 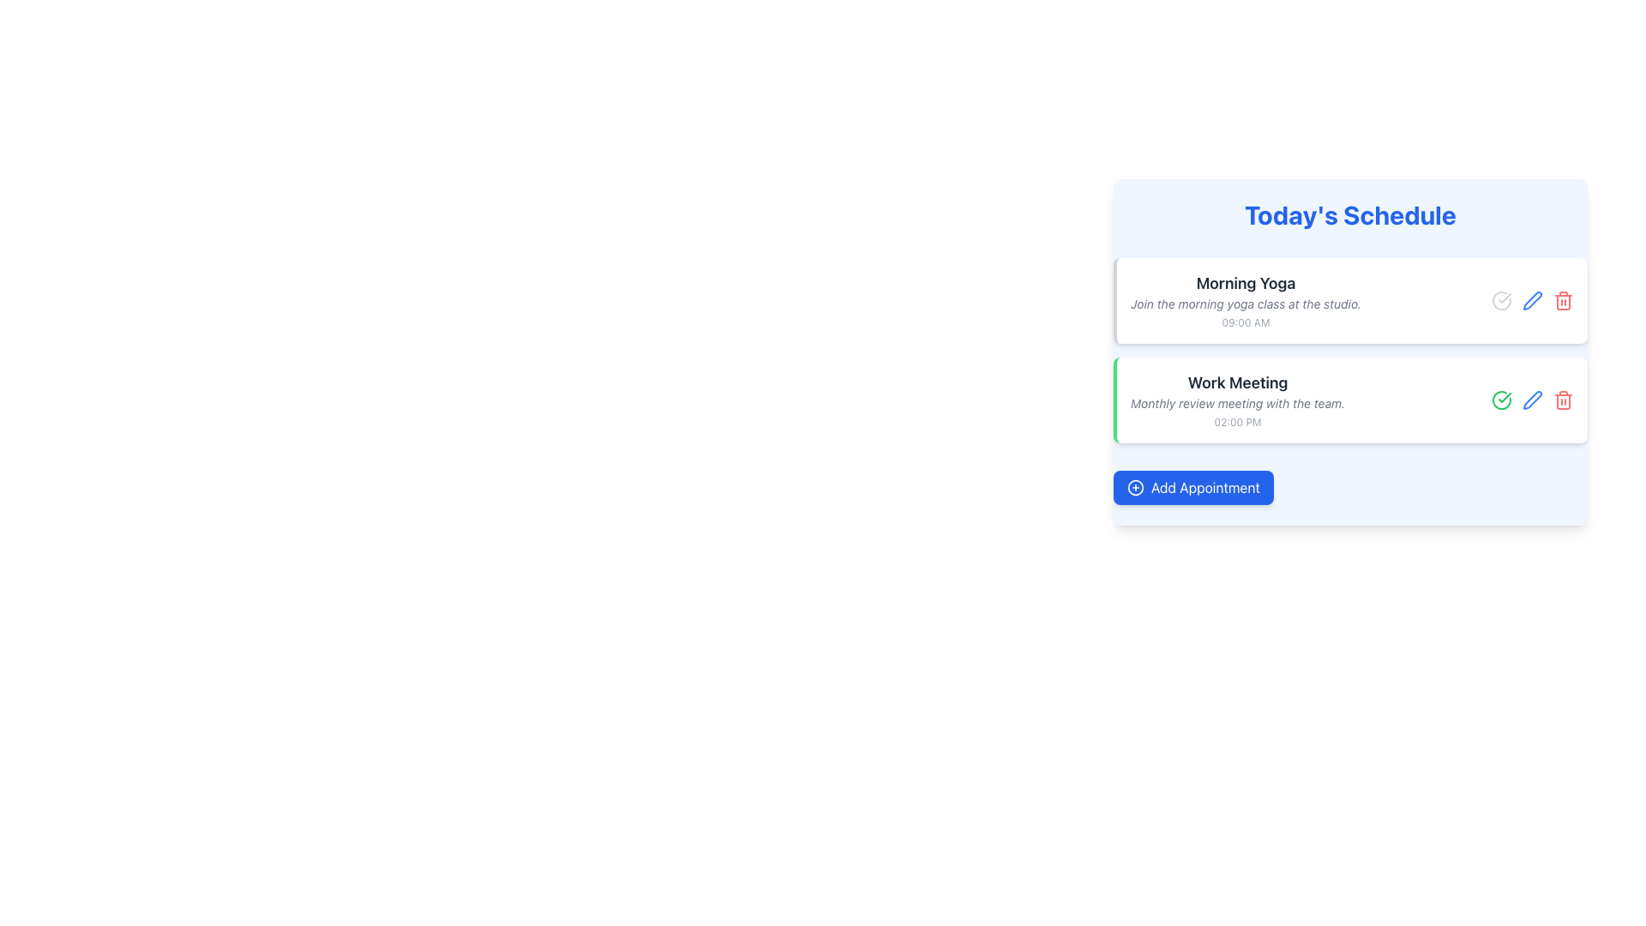 I want to click on the text label at the bottom of the 'Today's Schedule' card, so click(x=1204, y=488).